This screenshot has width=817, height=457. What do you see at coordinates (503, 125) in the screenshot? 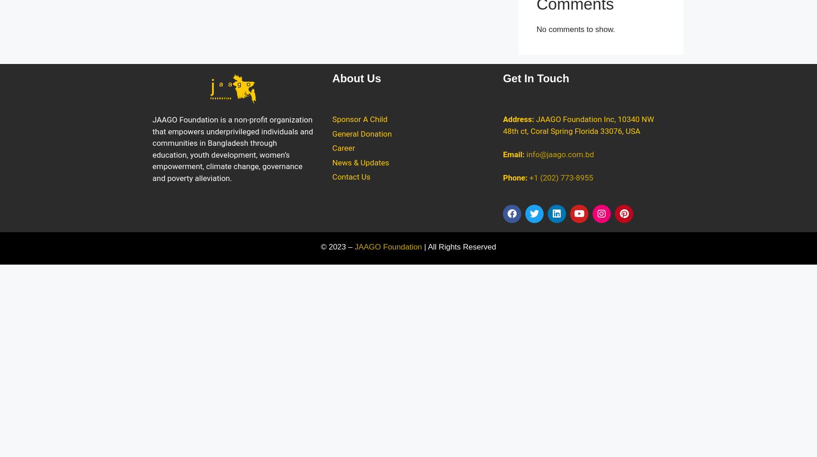
I see `'JAAGO Foundation Inc, 10340 NW 48th ct, Coral Spring Florida 33076, USA'` at bounding box center [503, 125].